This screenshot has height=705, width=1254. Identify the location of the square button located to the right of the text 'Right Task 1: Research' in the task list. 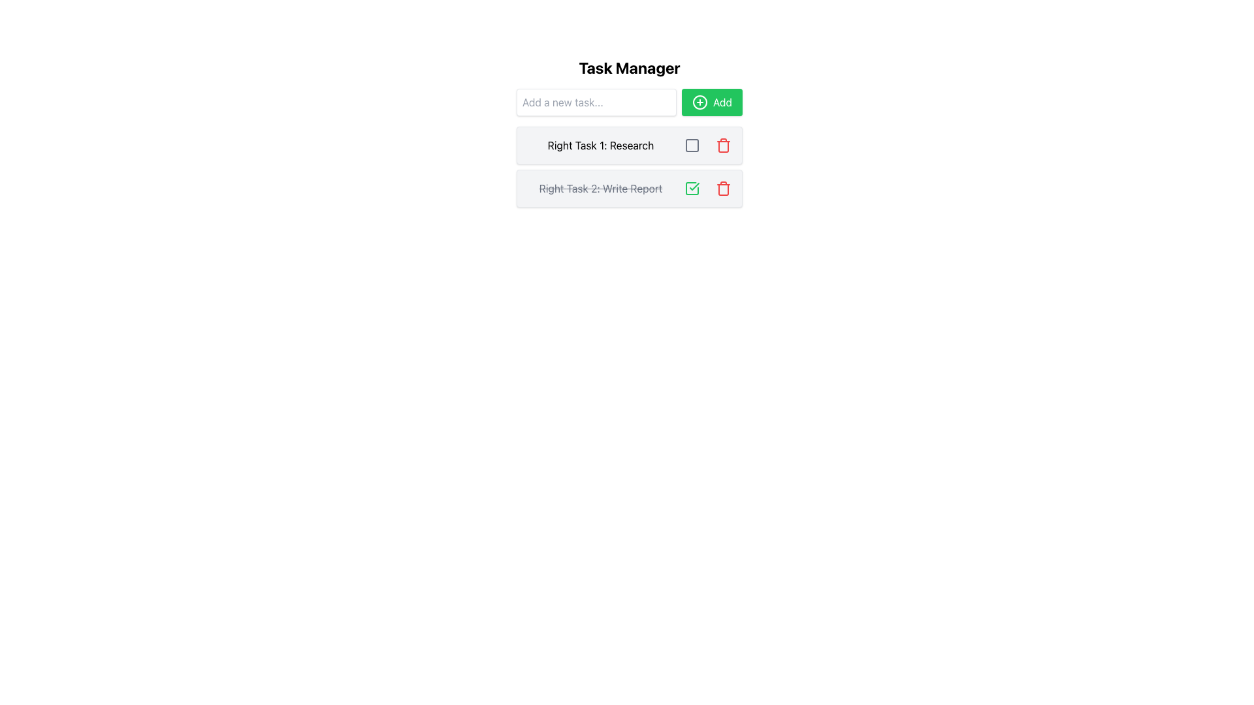
(692, 146).